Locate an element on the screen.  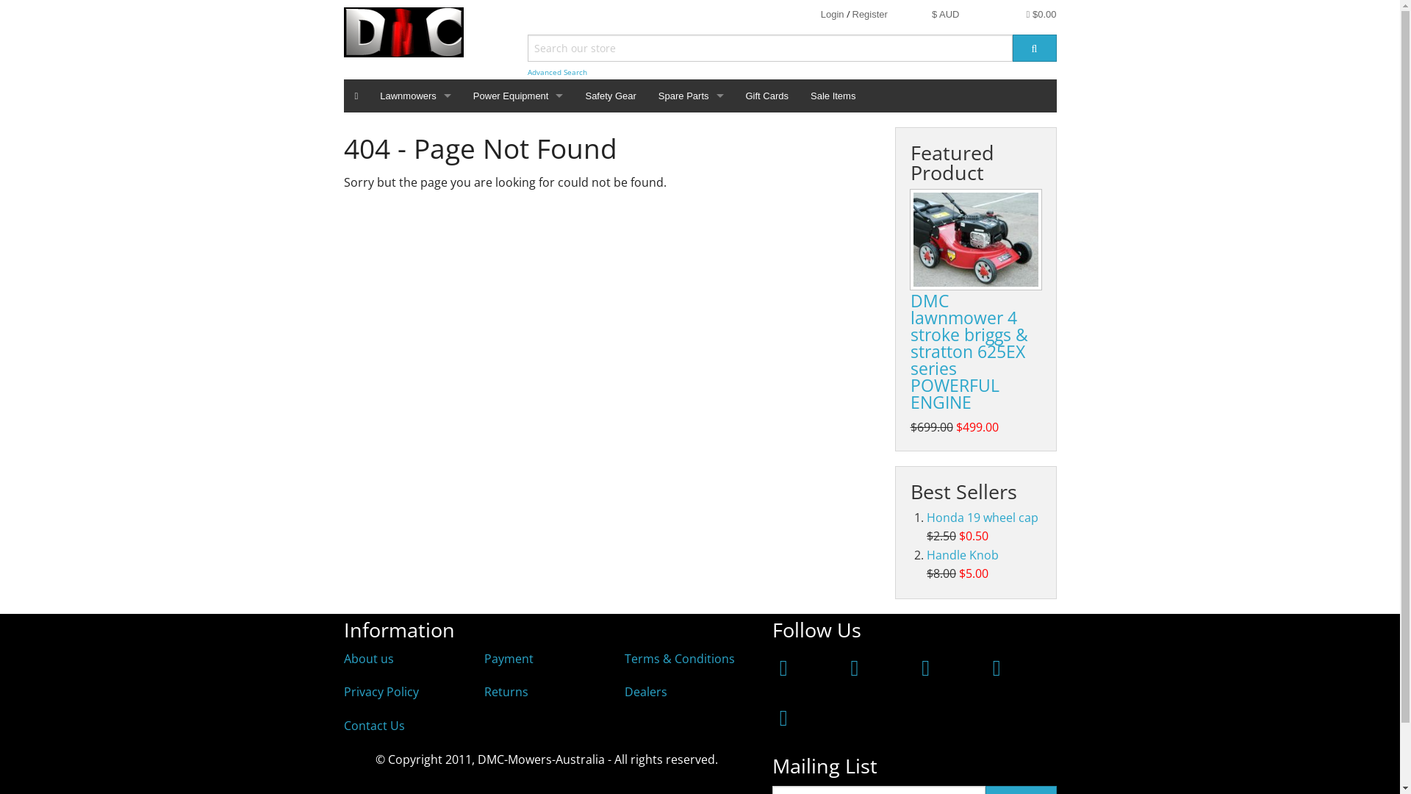
'Safety Gear' is located at coordinates (610, 96).